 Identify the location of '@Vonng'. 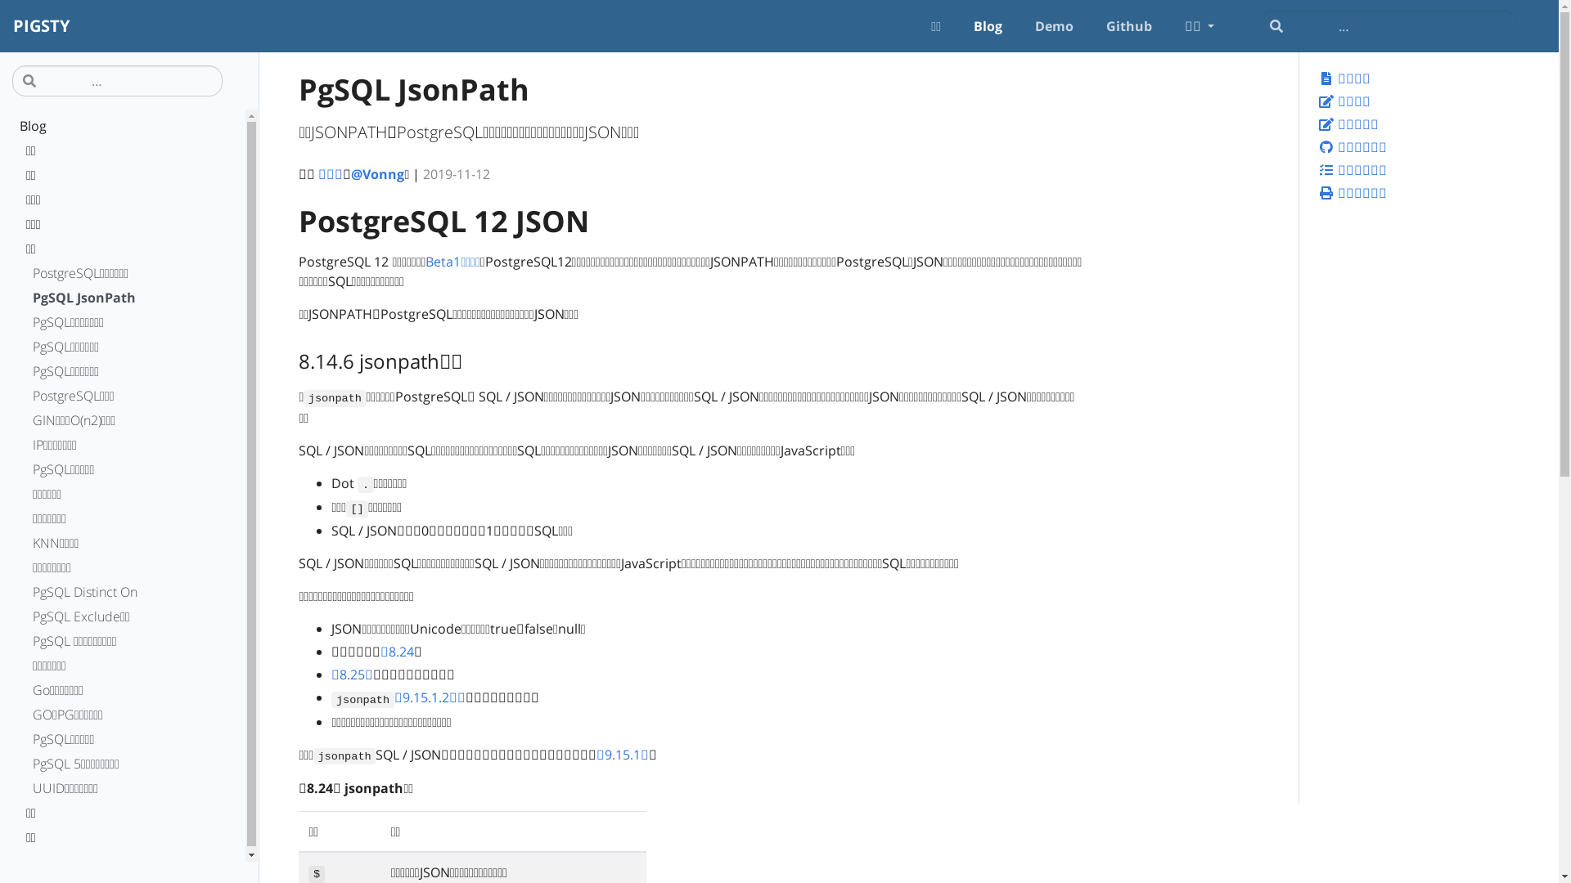
(376, 173).